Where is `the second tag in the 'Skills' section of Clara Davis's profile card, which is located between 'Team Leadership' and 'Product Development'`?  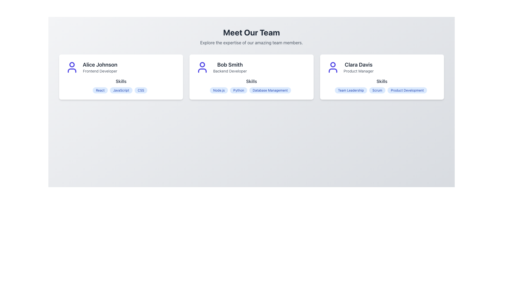
the second tag in the 'Skills' section of Clara Davis's profile card, which is located between 'Team Leadership' and 'Product Development' is located at coordinates (377, 90).